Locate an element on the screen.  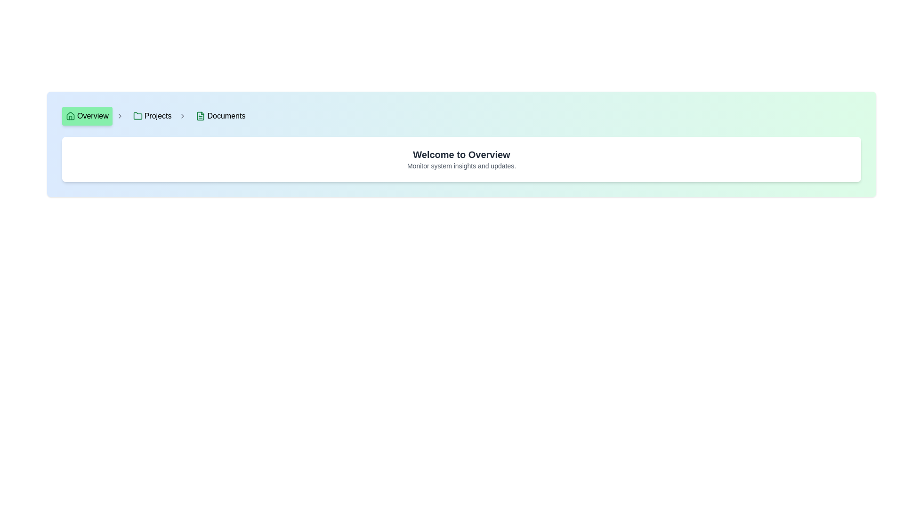
heading text 'Welcome to Overview' which is prominently displayed at the top of the content section is located at coordinates (461, 154).